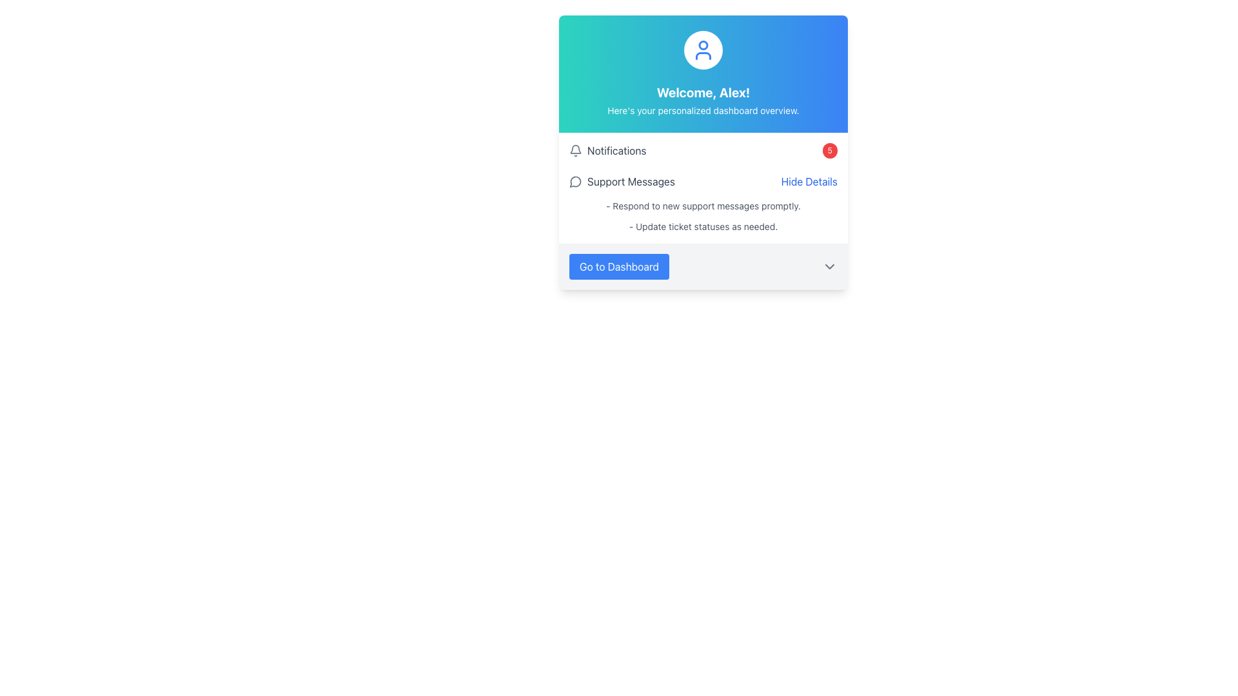  I want to click on the 'Support Messages' static text label, which is styled in gray and located in the Notifications section of the user interface, positioned to the right of a speech bubble icon, so click(631, 181).